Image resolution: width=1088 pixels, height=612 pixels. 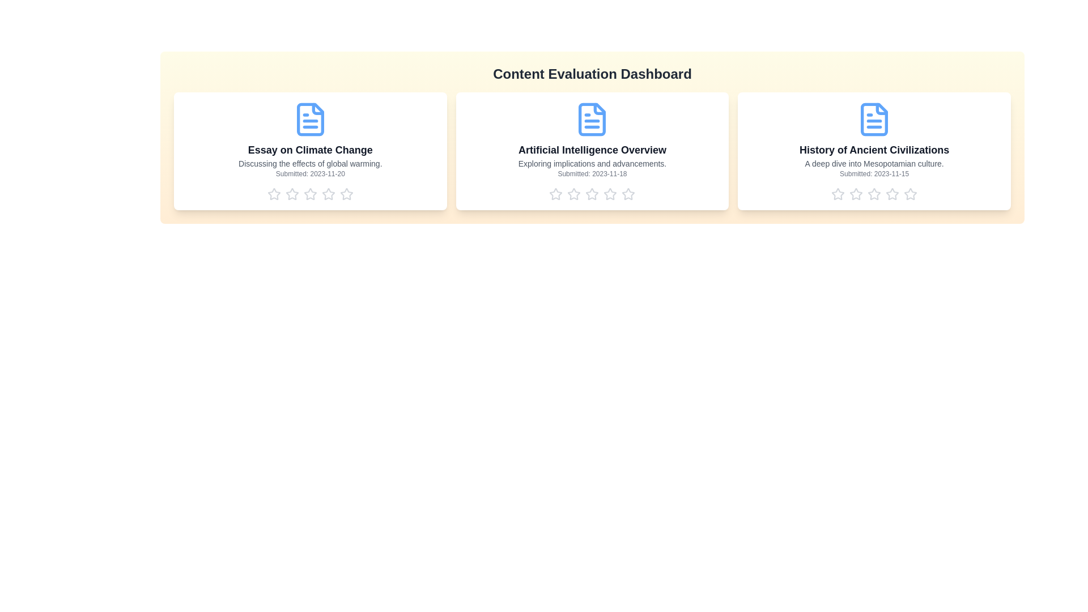 What do you see at coordinates (310, 150) in the screenshot?
I see `the card titled 'Essay on Climate Change' to explore its details` at bounding box center [310, 150].